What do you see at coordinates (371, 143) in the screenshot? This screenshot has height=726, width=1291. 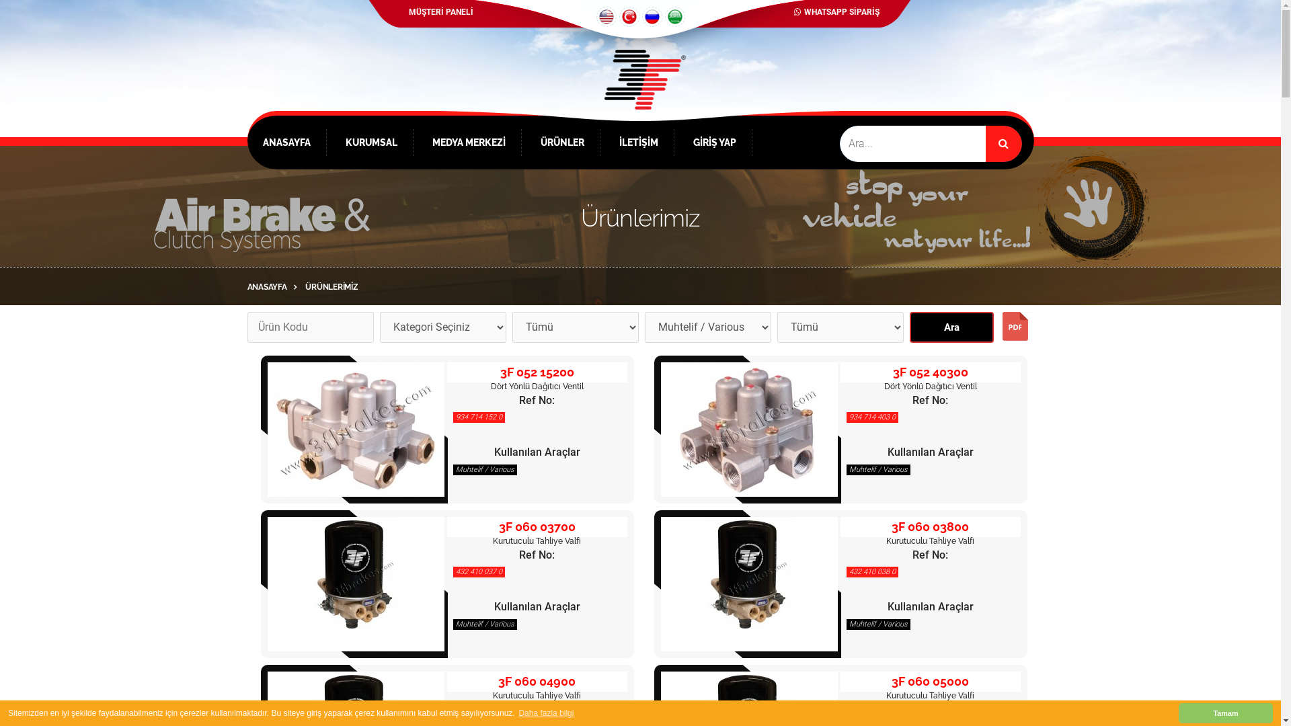 I see `'KURUMSAL'` at bounding box center [371, 143].